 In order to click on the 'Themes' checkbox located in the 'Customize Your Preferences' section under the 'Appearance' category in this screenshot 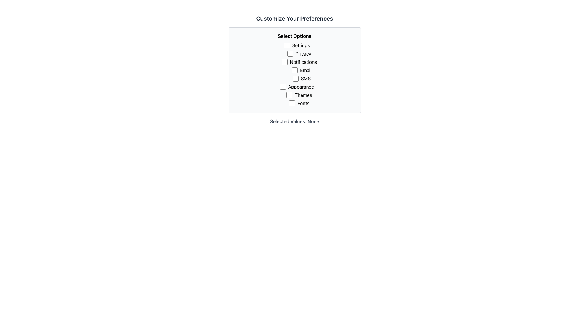, I will do `click(289, 95)`.